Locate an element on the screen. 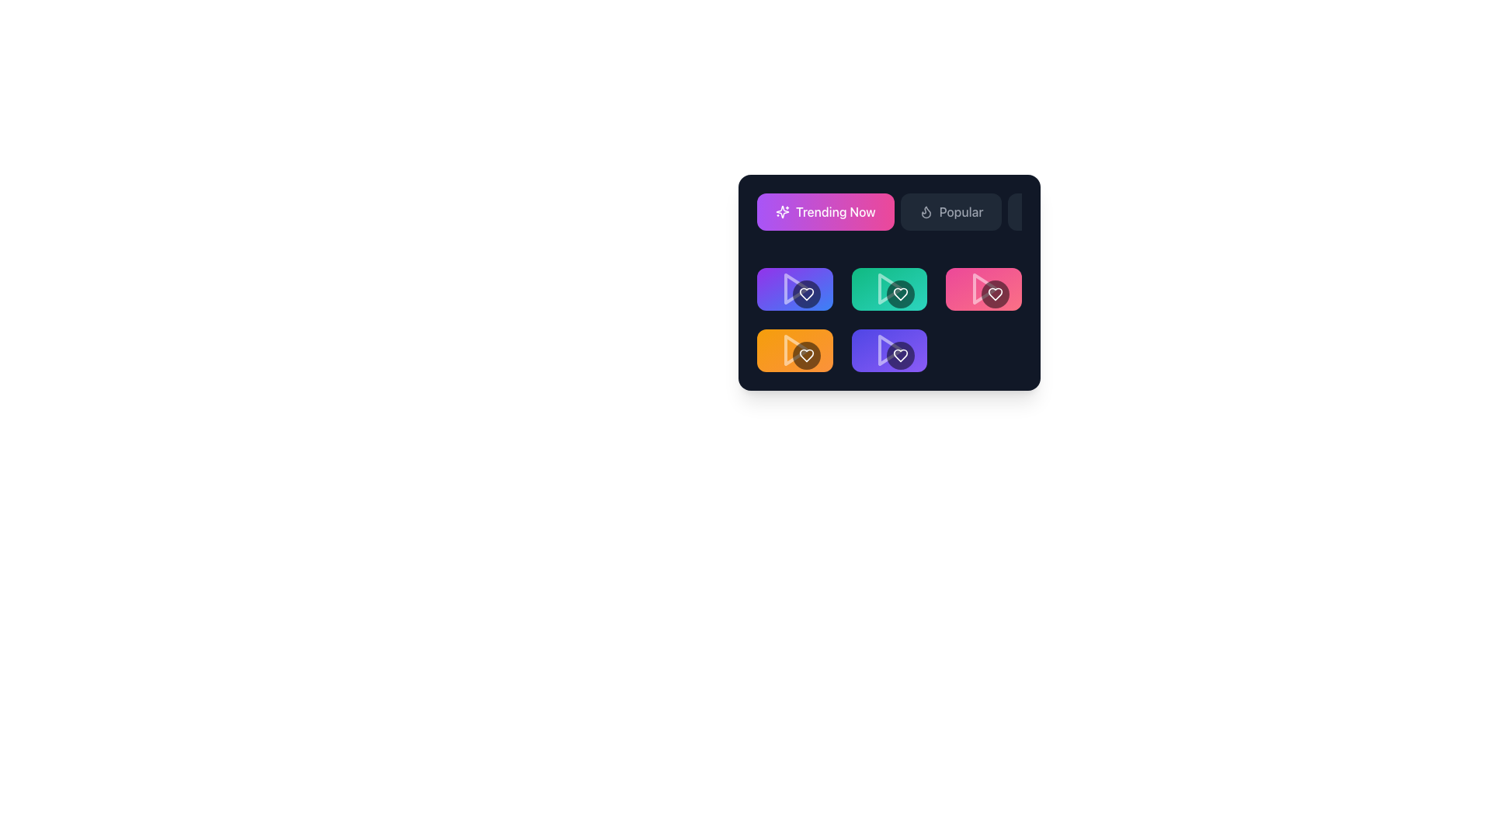 This screenshot has height=839, width=1491. the Media Thumbnail located in the top-right of the grid is located at coordinates (983, 289).